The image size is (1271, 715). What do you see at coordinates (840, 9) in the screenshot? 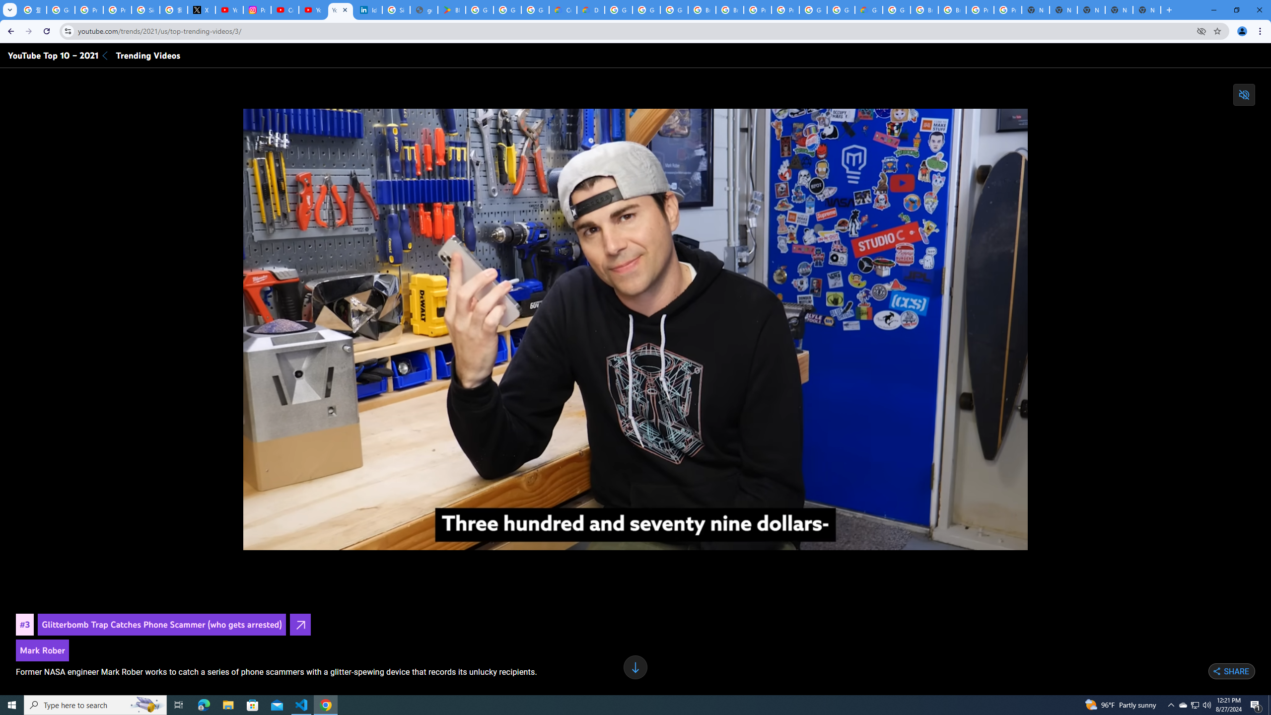
I see `'Google Cloud Platform'` at bounding box center [840, 9].